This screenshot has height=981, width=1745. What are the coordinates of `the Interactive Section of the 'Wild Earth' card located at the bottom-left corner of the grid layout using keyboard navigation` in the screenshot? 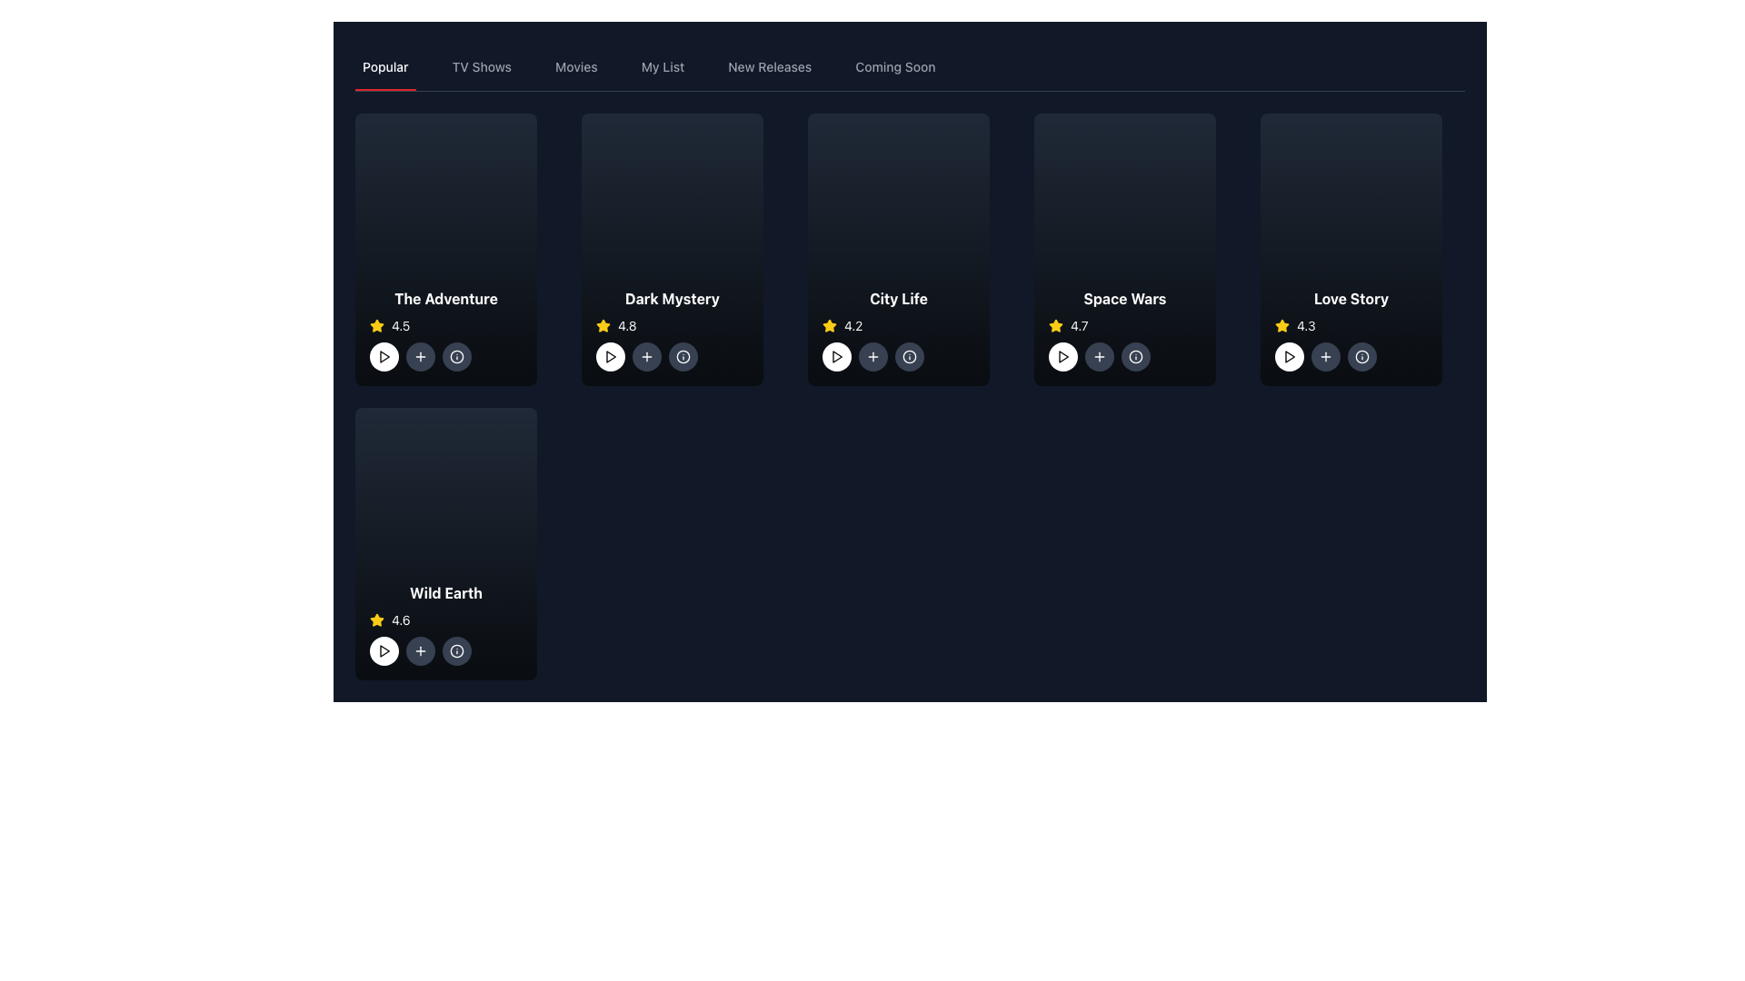 It's located at (445, 622).